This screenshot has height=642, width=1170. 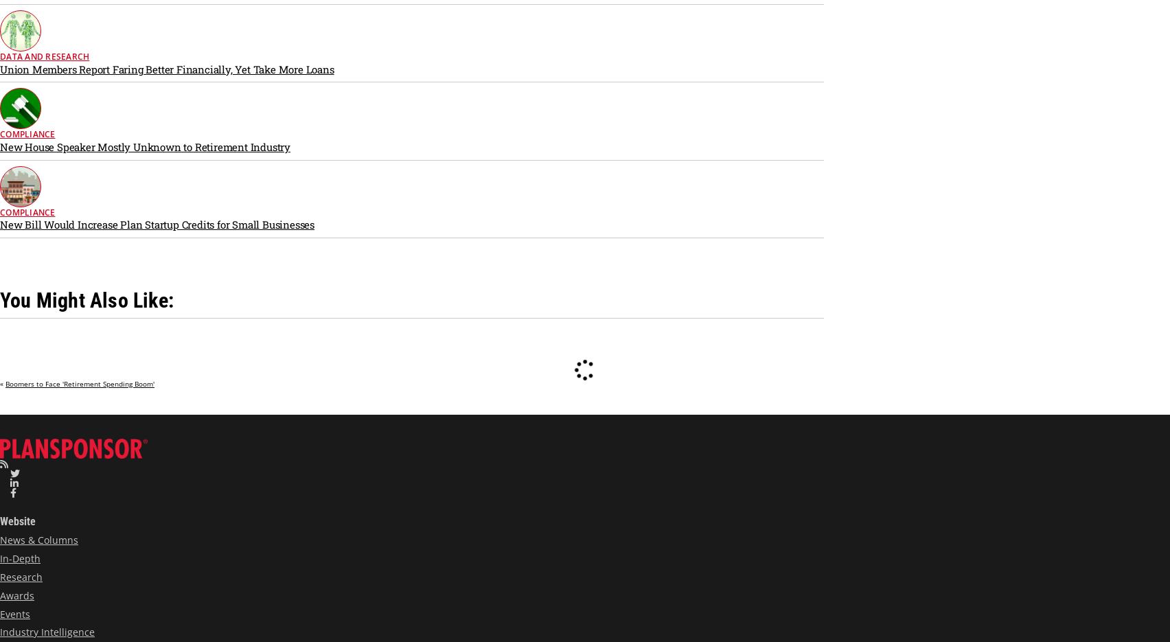 What do you see at coordinates (5, 383) in the screenshot?
I see `'Boomers to Face 'Retirement Spending Boom''` at bounding box center [5, 383].